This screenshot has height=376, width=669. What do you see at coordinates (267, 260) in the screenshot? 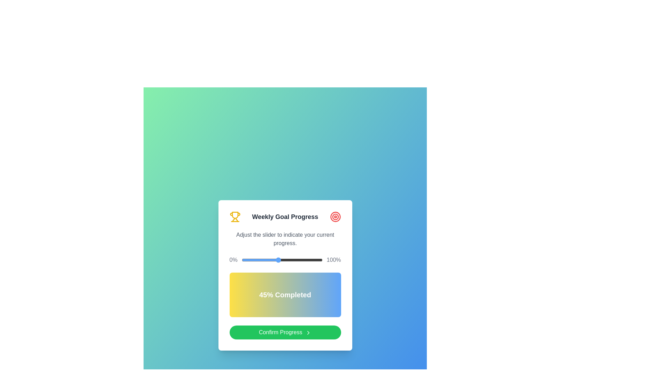
I see `the progress slider to set the progress to 32%` at bounding box center [267, 260].